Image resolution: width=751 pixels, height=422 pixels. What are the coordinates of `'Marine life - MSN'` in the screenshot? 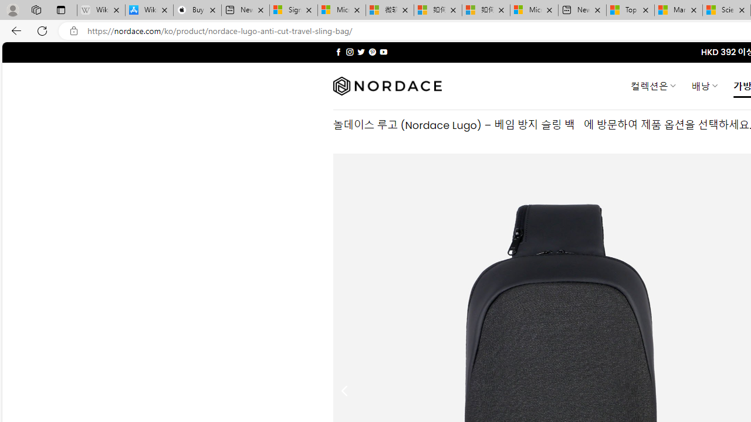 It's located at (678, 10).